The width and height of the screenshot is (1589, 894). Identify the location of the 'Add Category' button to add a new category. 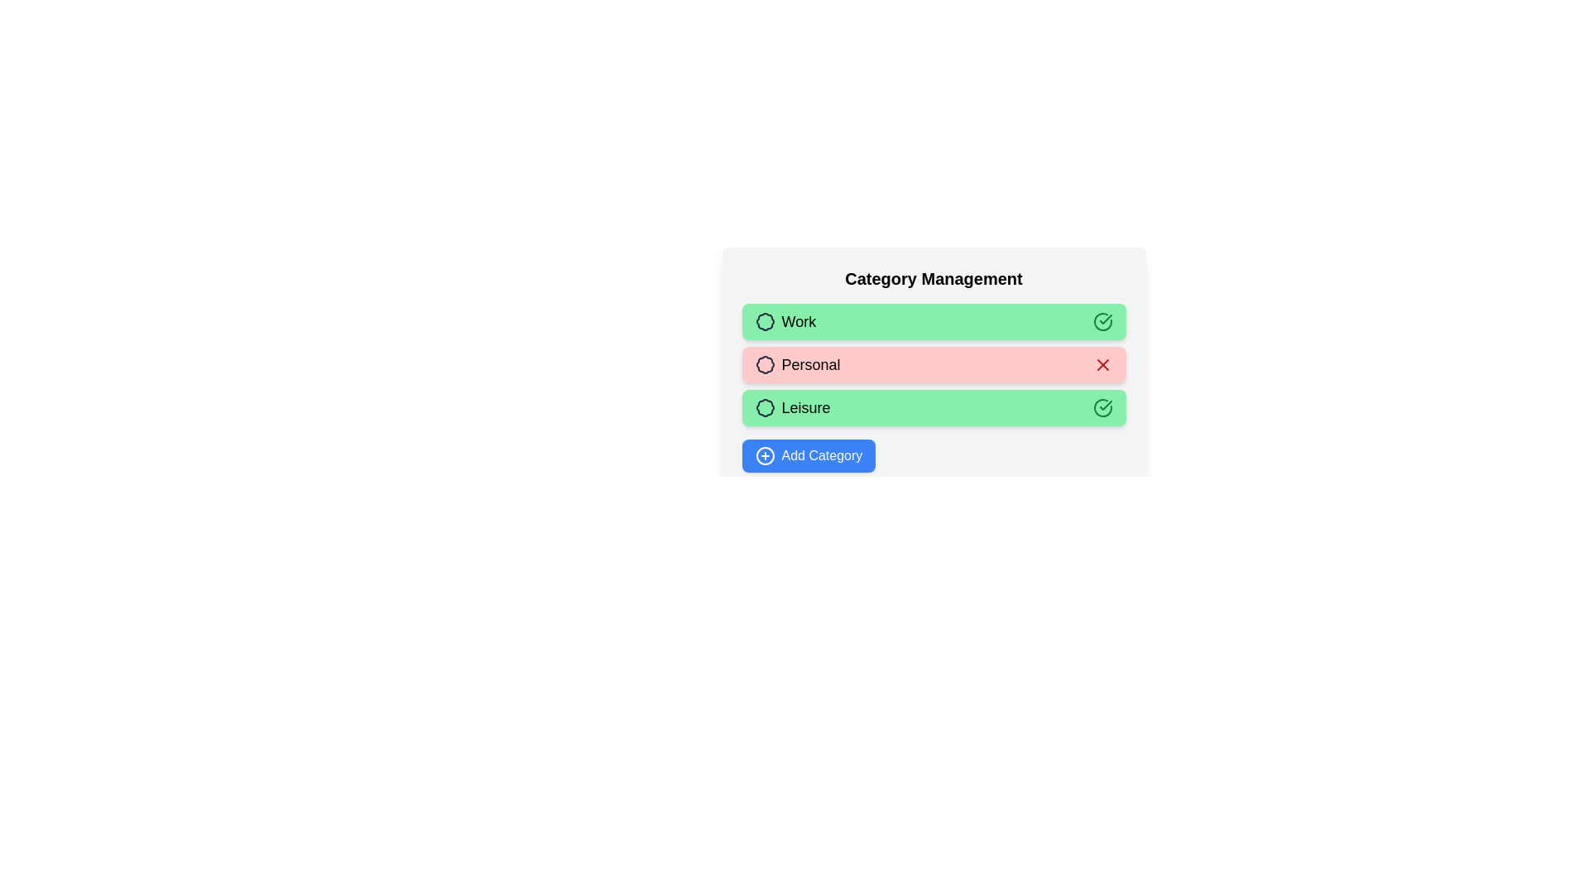
(809, 456).